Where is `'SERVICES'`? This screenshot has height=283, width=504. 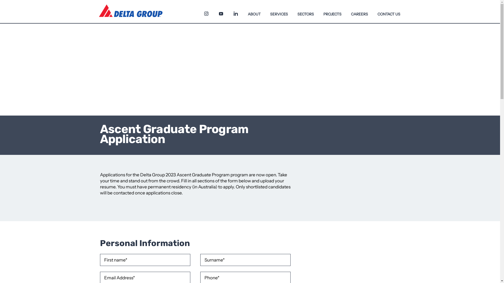
'SERVICES' is located at coordinates (278, 11).